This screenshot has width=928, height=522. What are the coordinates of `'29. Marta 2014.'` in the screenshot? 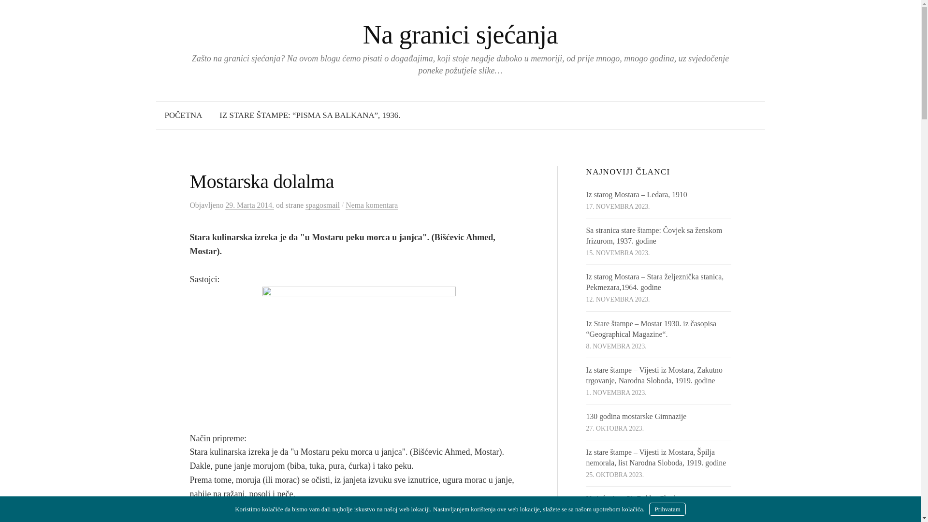 It's located at (249, 204).